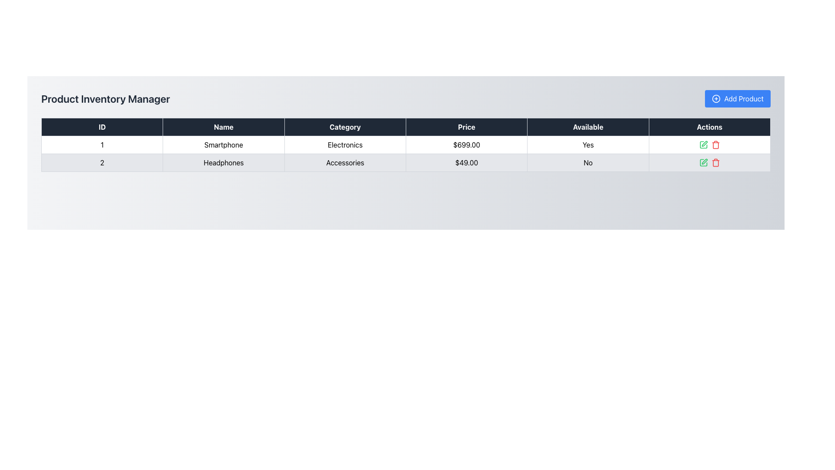 The image size is (835, 470). Describe the element at coordinates (466, 127) in the screenshot. I see `the 'Price' header cell in the table to sort the column` at that location.